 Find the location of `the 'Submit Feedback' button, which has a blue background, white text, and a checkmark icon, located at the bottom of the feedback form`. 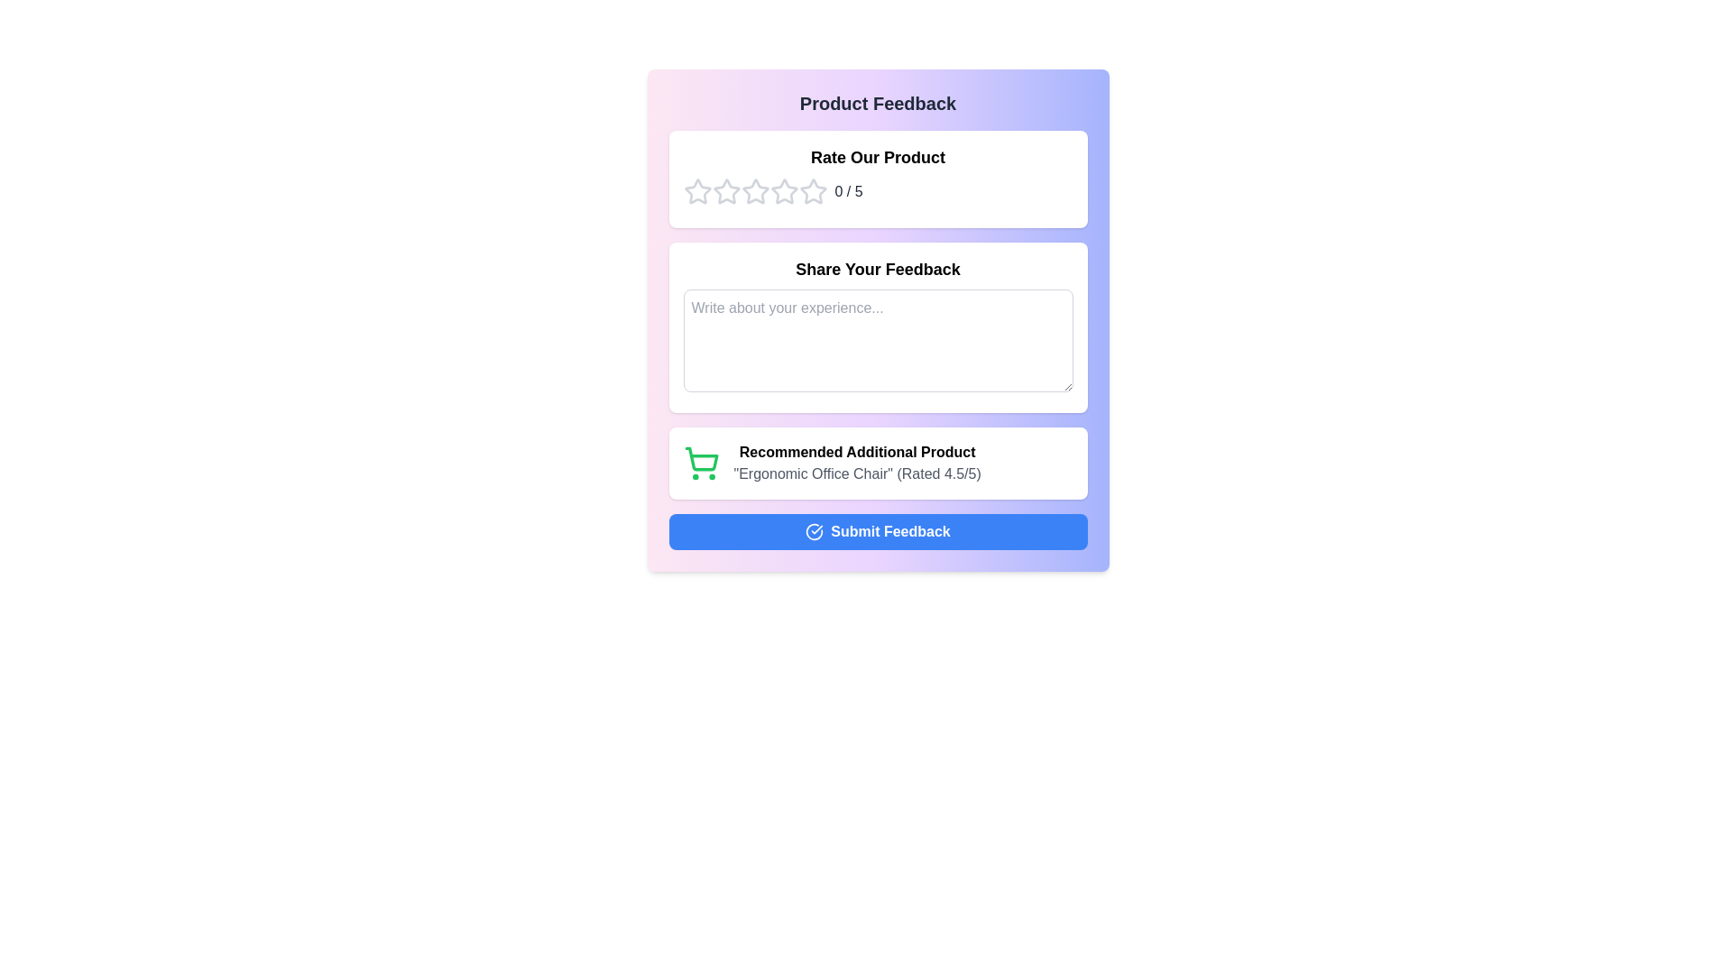

the 'Submit Feedback' button, which has a blue background, white text, and a checkmark icon, located at the bottom of the feedback form is located at coordinates (878, 531).